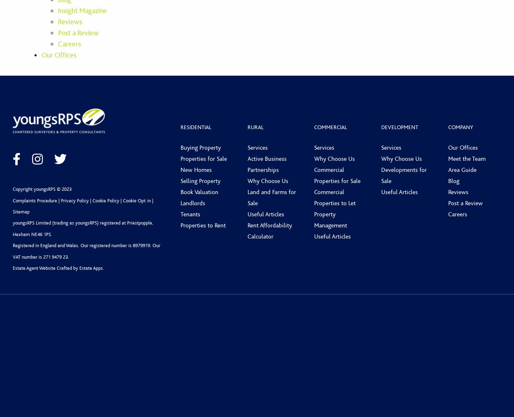 The width and height of the screenshot is (514, 417). Describe the element at coordinates (447, 181) in the screenshot. I see `'Blog'` at that location.